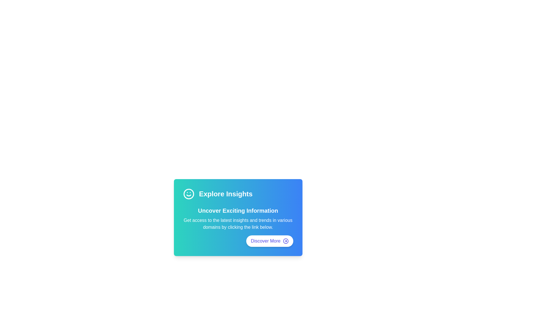 The width and height of the screenshot is (551, 310). I want to click on the central circular part of the arrow icon located to the right of the 'Discover More' button in the UI card, so click(286, 241).